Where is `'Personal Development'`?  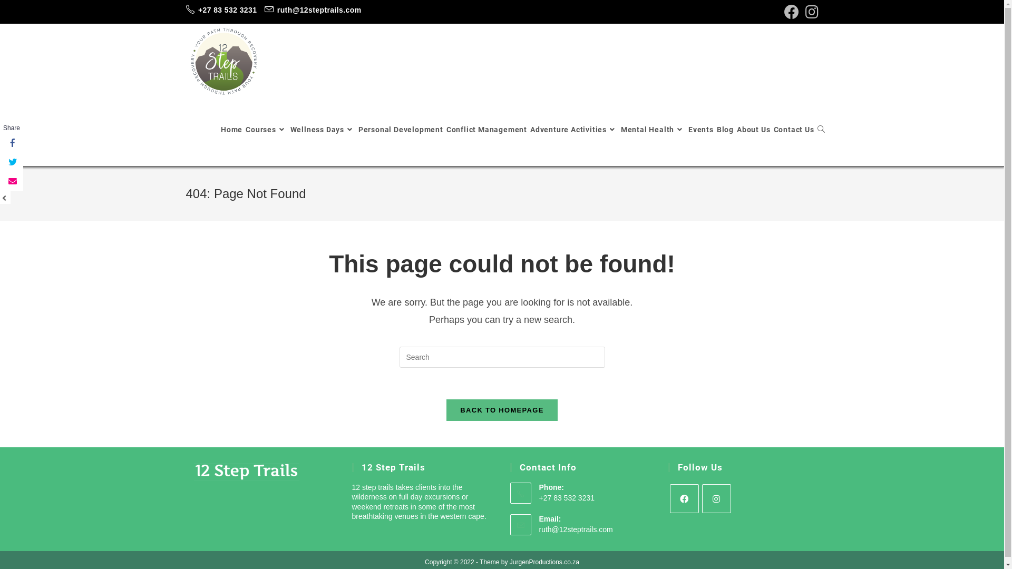 'Personal Development' is located at coordinates (400, 129).